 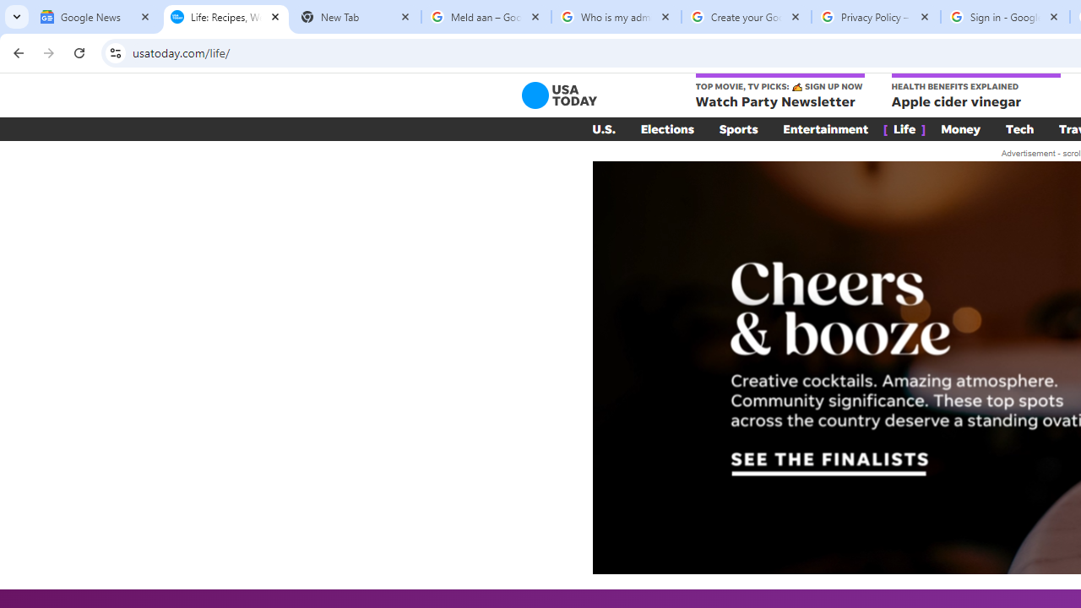 I want to click on 'Create your Google Account', so click(x=745, y=17).